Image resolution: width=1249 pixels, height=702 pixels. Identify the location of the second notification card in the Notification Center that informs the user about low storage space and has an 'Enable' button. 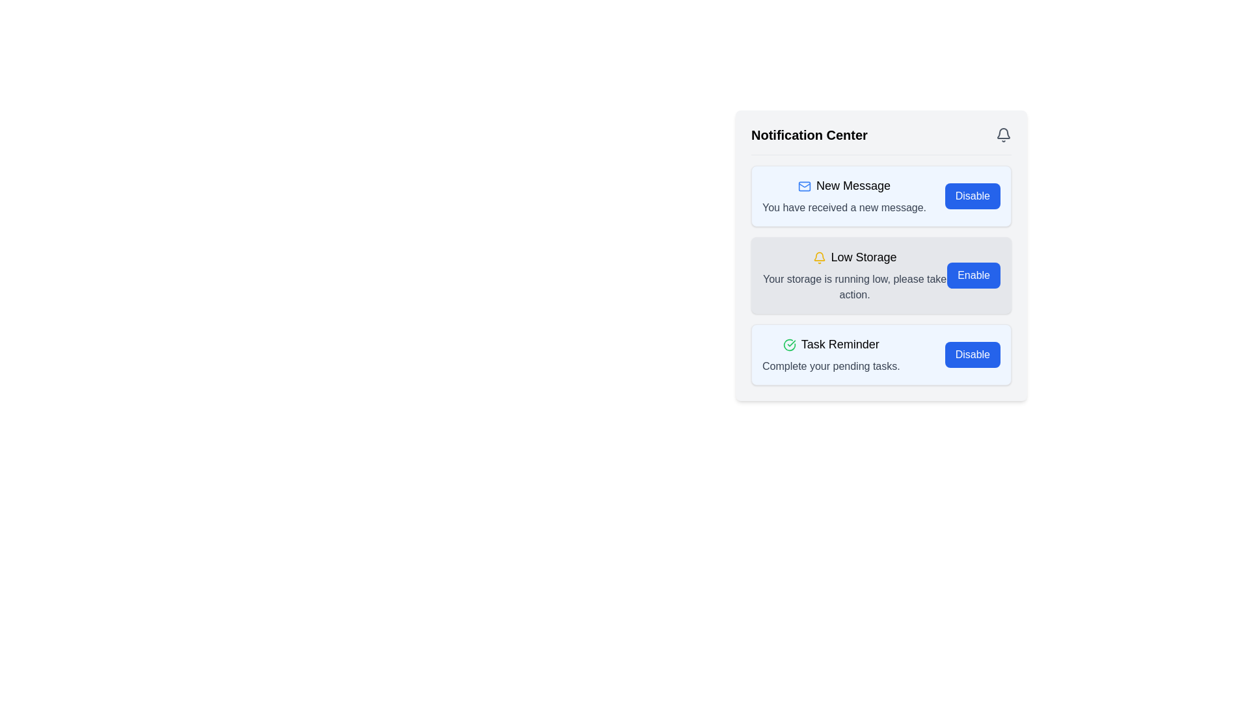
(881, 275).